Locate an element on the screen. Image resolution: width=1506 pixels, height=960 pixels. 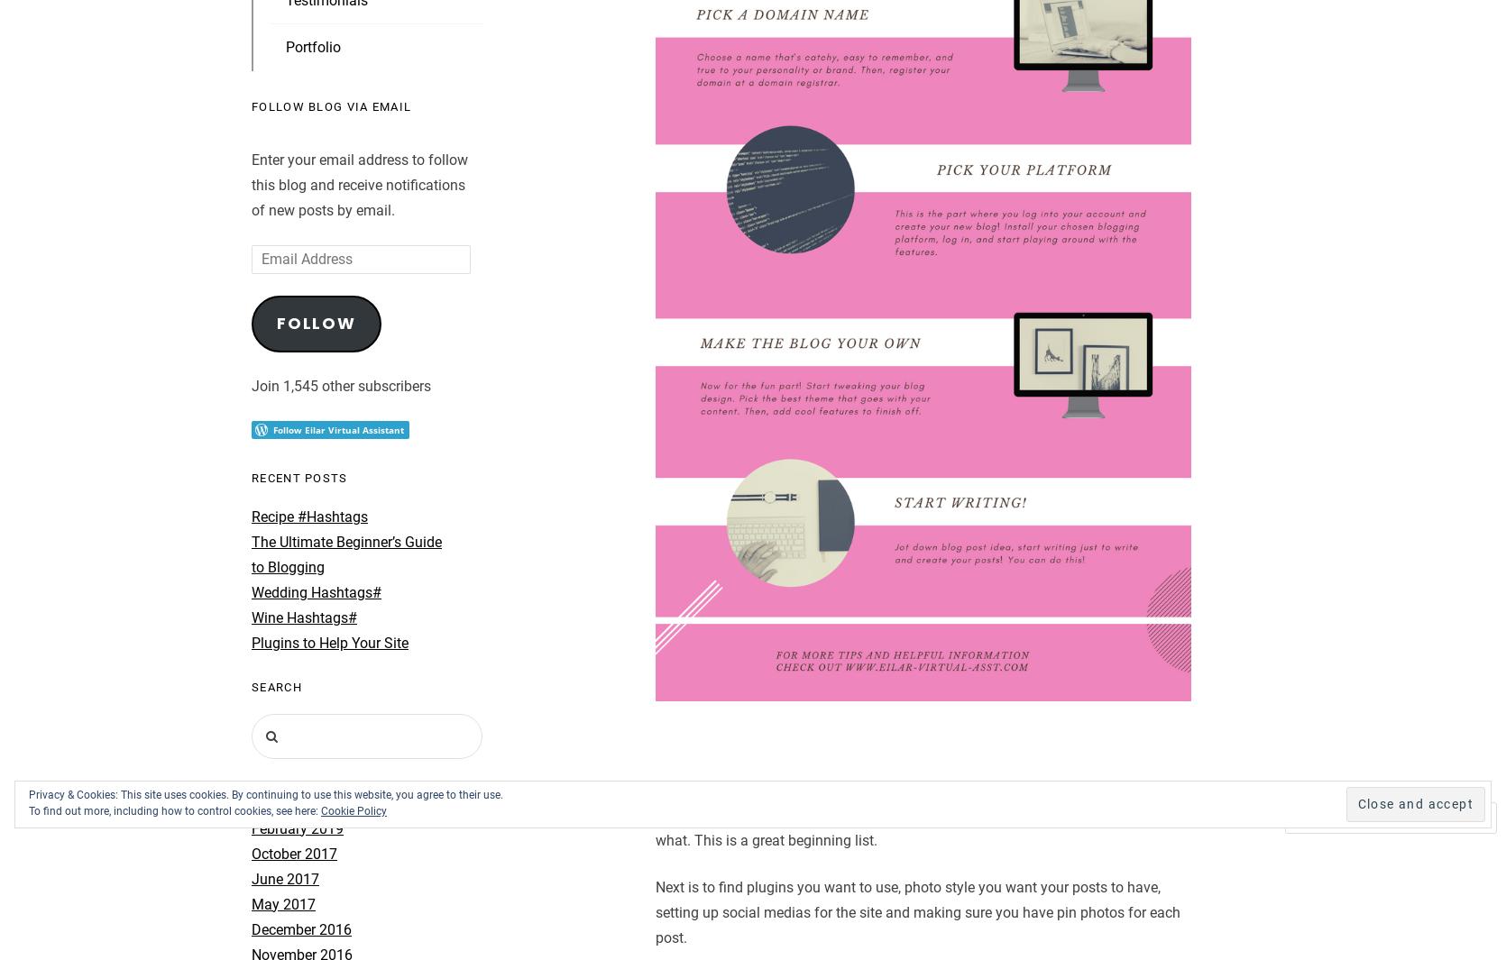
'December 2016' is located at coordinates (251, 928).